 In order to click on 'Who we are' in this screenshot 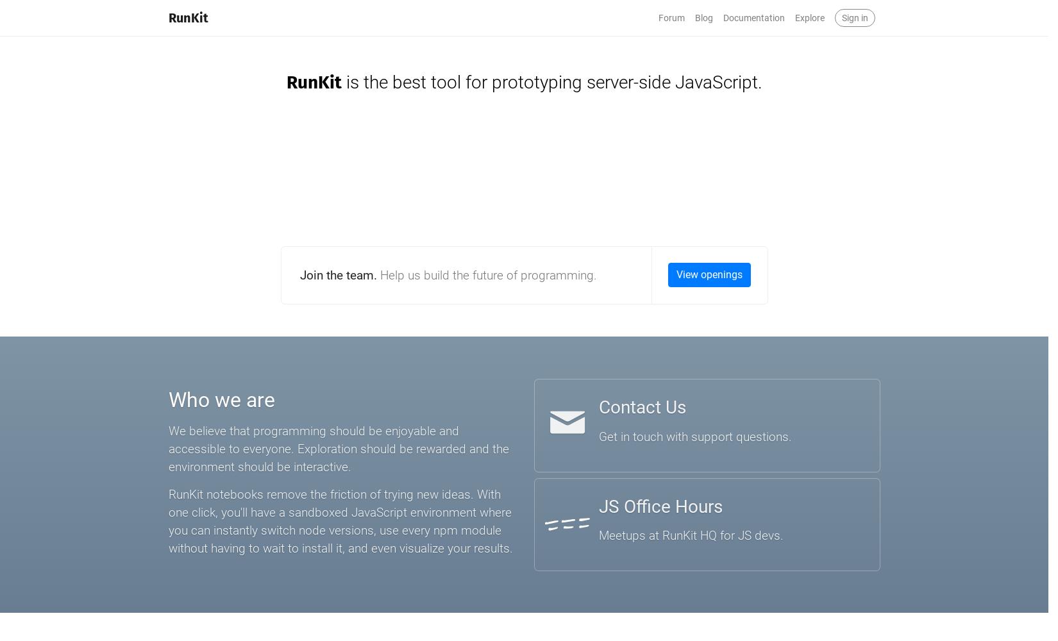, I will do `click(168, 399)`.